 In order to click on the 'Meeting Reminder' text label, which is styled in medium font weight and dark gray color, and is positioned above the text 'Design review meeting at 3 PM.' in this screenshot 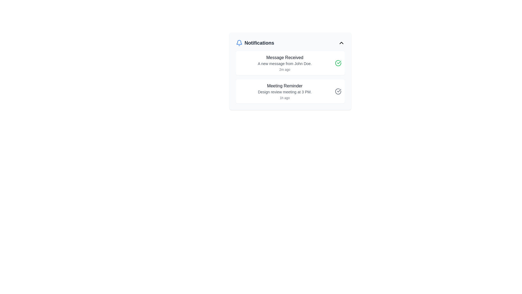, I will do `click(284, 86)`.